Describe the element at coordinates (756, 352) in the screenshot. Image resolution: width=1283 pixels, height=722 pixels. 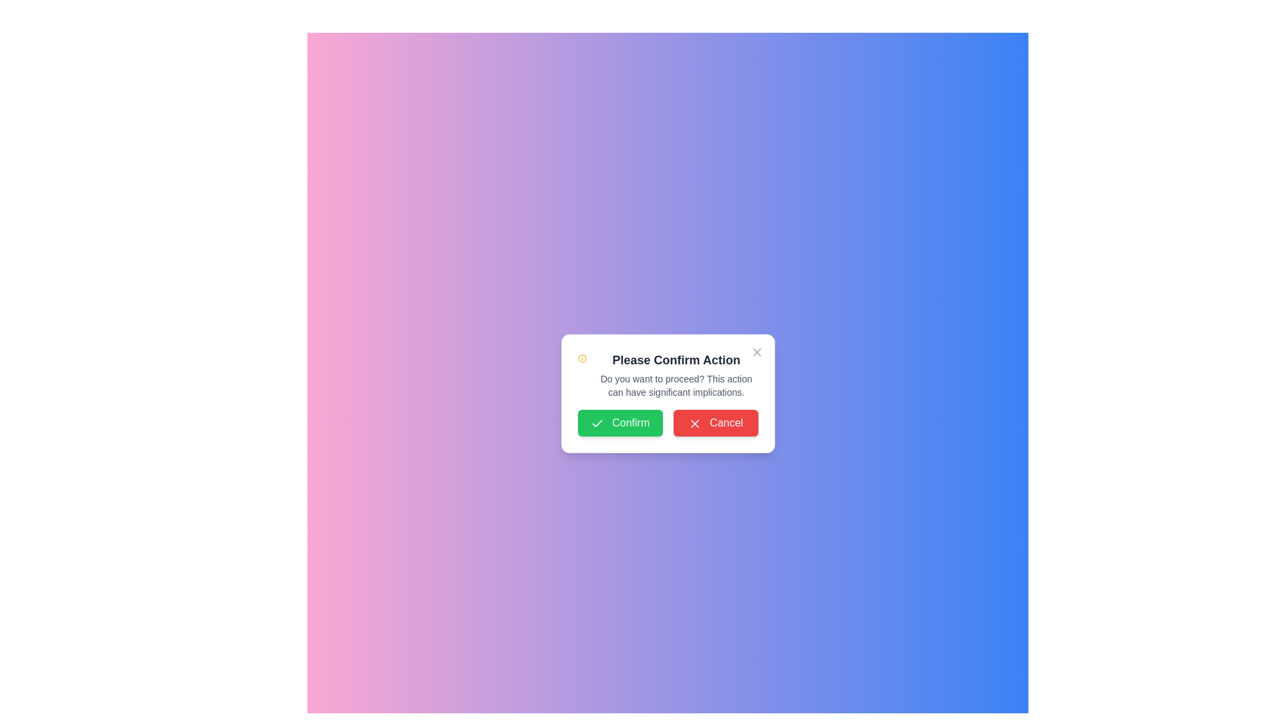
I see `the Close or Cancel Button Icon, which is a small cross-shaped icon located at the top right corner of the confirmation dialog box` at that location.